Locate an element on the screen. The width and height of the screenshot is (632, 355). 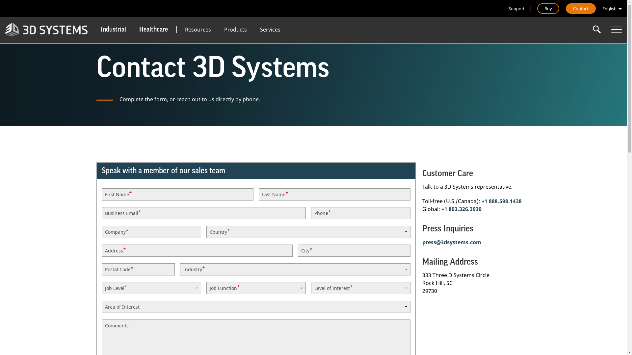
'Enter the terms you wish to search for.' is located at coordinates (597, 29).